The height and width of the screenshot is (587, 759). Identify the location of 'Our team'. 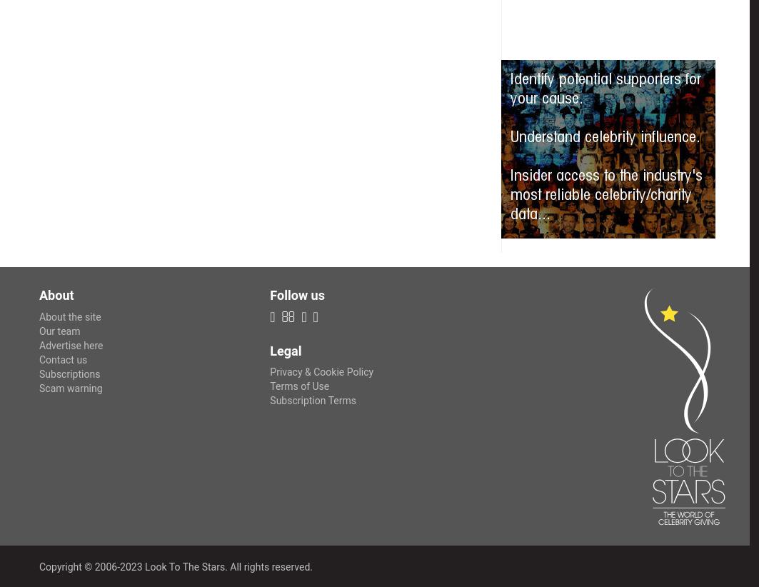
(59, 331).